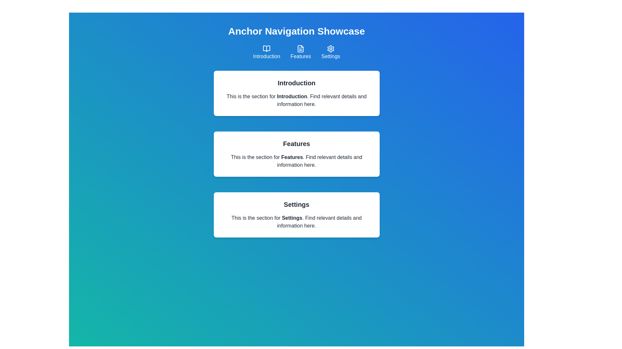 The image size is (622, 349). What do you see at coordinates (330, 48) in the screenshot?
I see `the 'Settings' icon, which is the third icon from the left in the top horizontal menu bar` at bounding box center [330, 48].